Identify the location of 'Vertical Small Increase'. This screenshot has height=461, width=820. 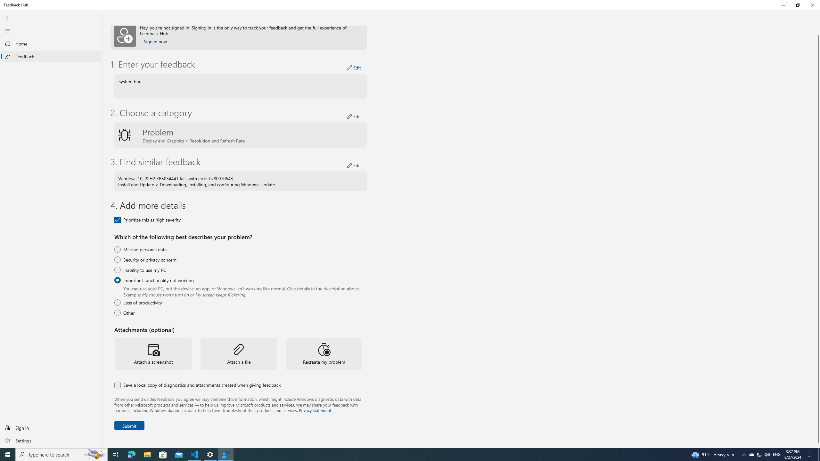
(810, 454).